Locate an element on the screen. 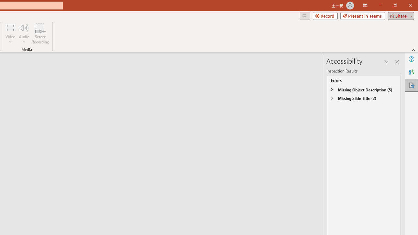 This screenshot has height=235, width=418. 'Video' is located at coordinates (10, 34).